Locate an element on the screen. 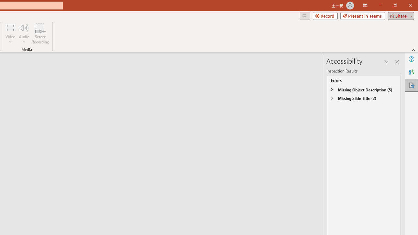 This screenshot has height=235, width=418. 'Video' is located at coordinates (10, 34).